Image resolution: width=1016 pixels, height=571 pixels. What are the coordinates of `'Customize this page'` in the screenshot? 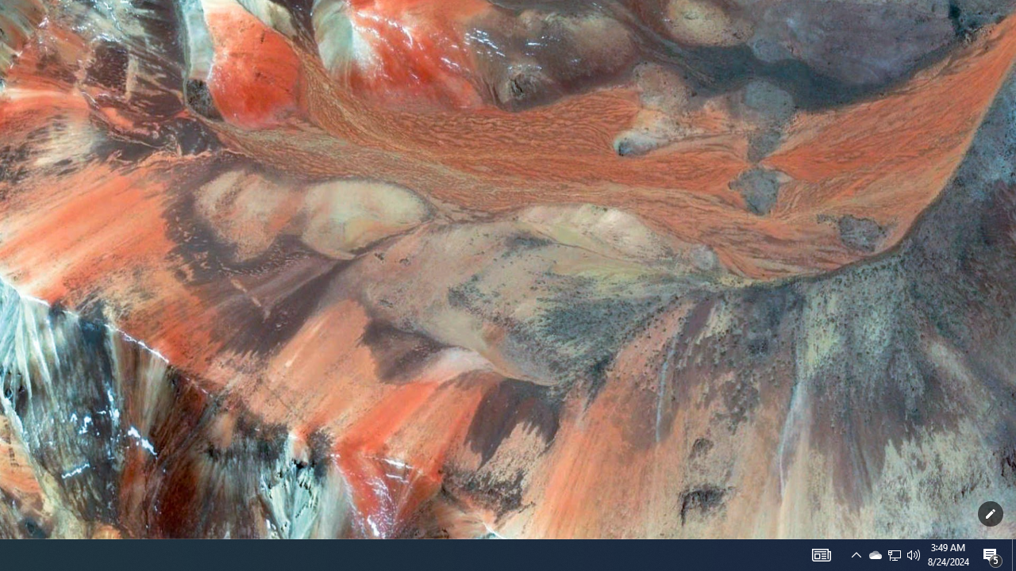 It's located at (990, 514).